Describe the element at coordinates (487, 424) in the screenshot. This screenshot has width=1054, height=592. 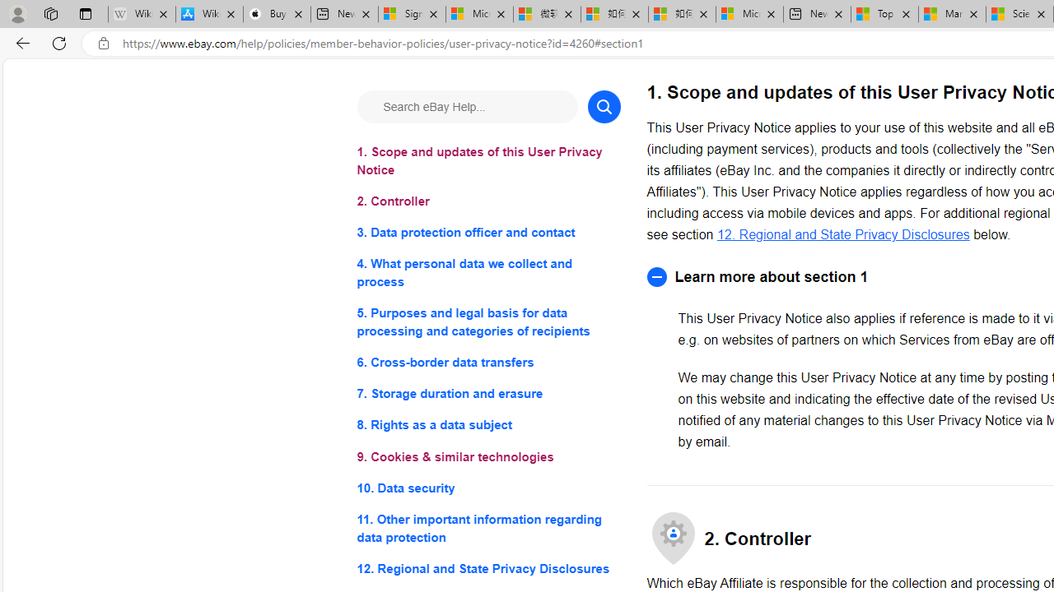
I see `'8. Rights as a data subject'` at that location.